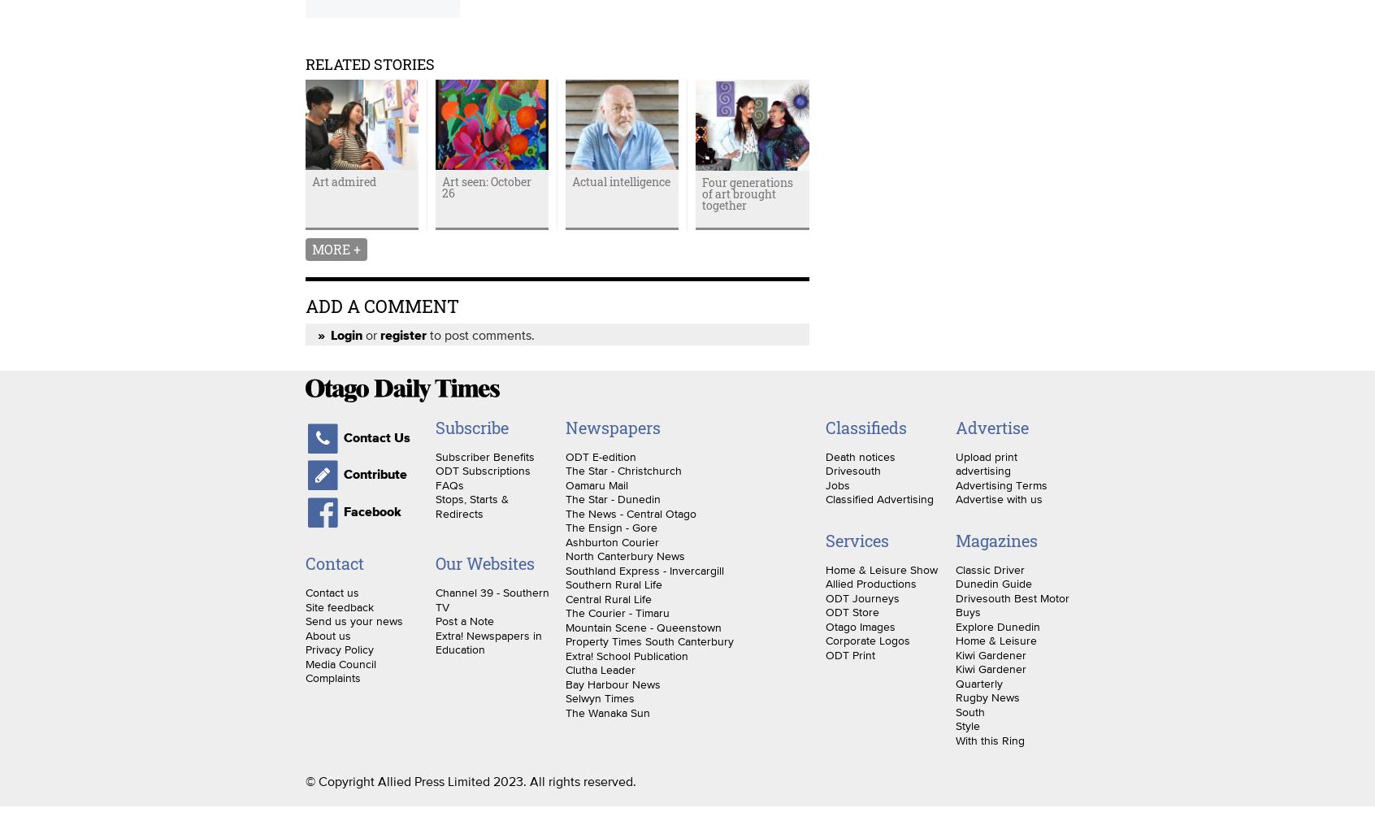  I want to click on 'Death notices', so click(860, 454).